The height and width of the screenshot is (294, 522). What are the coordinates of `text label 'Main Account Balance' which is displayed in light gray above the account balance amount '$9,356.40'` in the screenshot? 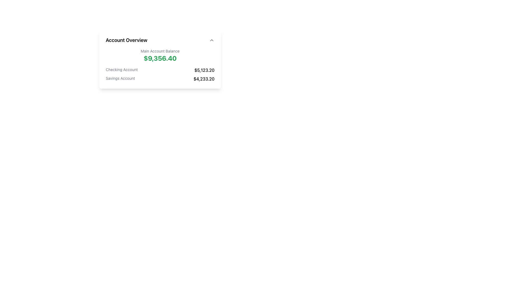 It's located at (160, 51).